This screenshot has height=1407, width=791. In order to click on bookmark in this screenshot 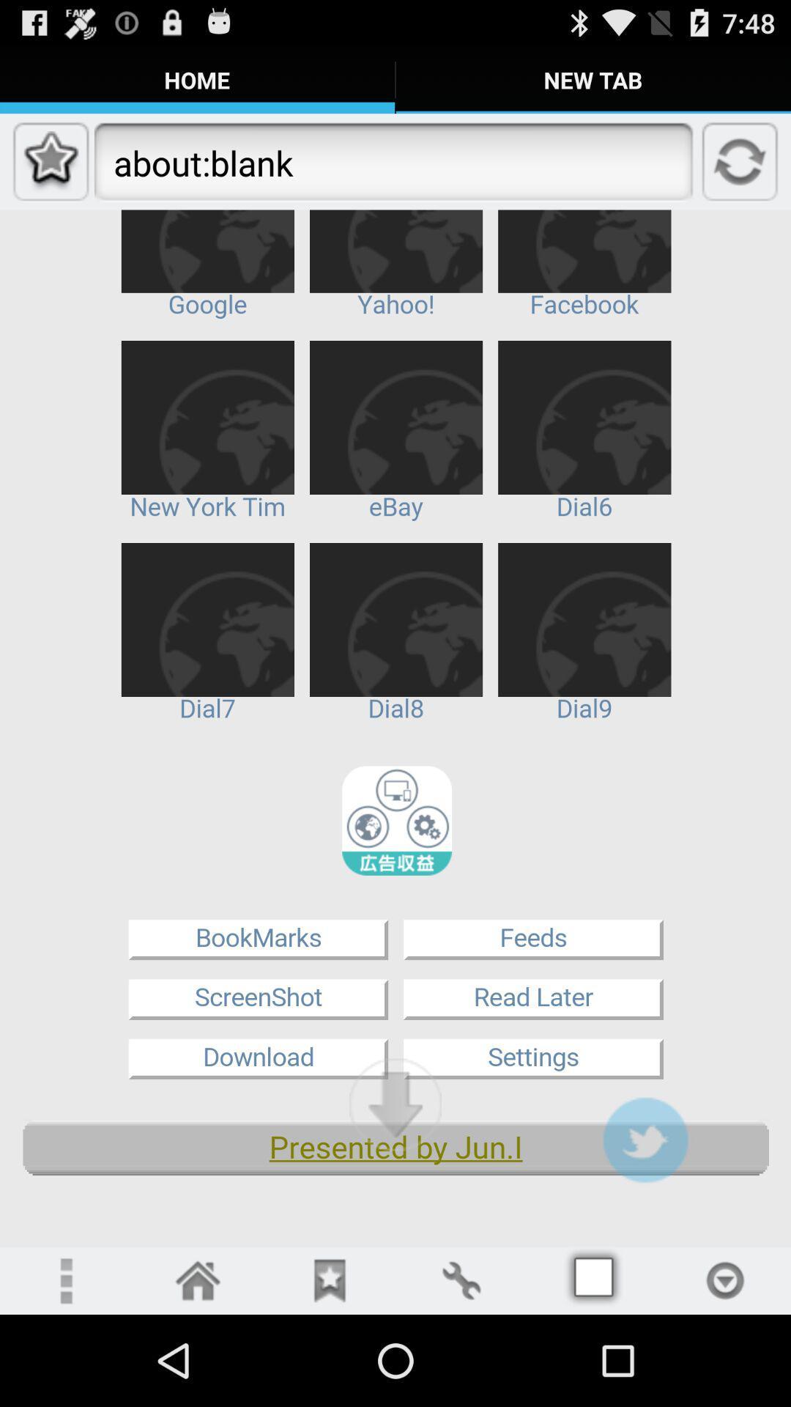, I will do `click(330, 1279)`.